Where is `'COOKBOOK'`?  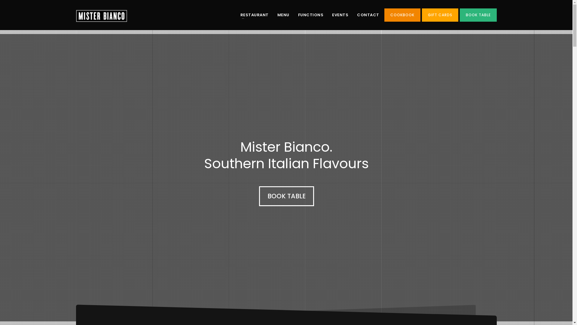
'COOKBOOK' is located at coordinates (402, 15).